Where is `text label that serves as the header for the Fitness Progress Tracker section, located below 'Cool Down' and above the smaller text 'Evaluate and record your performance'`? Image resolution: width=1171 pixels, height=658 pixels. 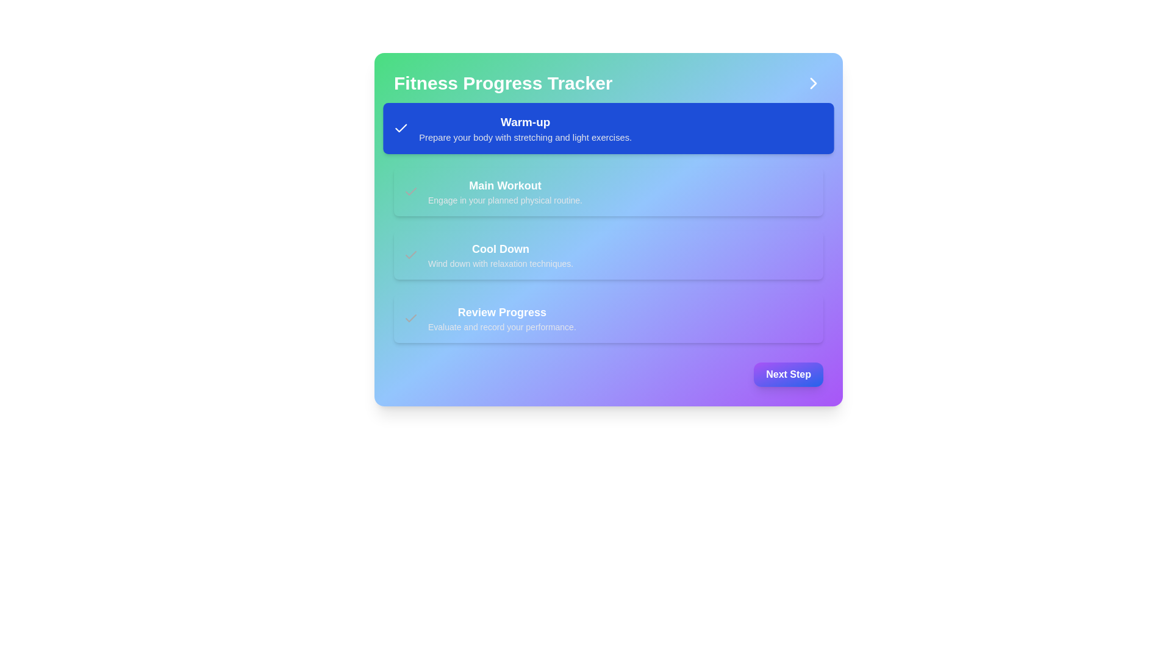
text label that serves as the header for the Fitness Progress Tracker section, located below 'Cool Down' and above the smaller text 'Evaluate and record your performance' is located at coordinates (502, 312).